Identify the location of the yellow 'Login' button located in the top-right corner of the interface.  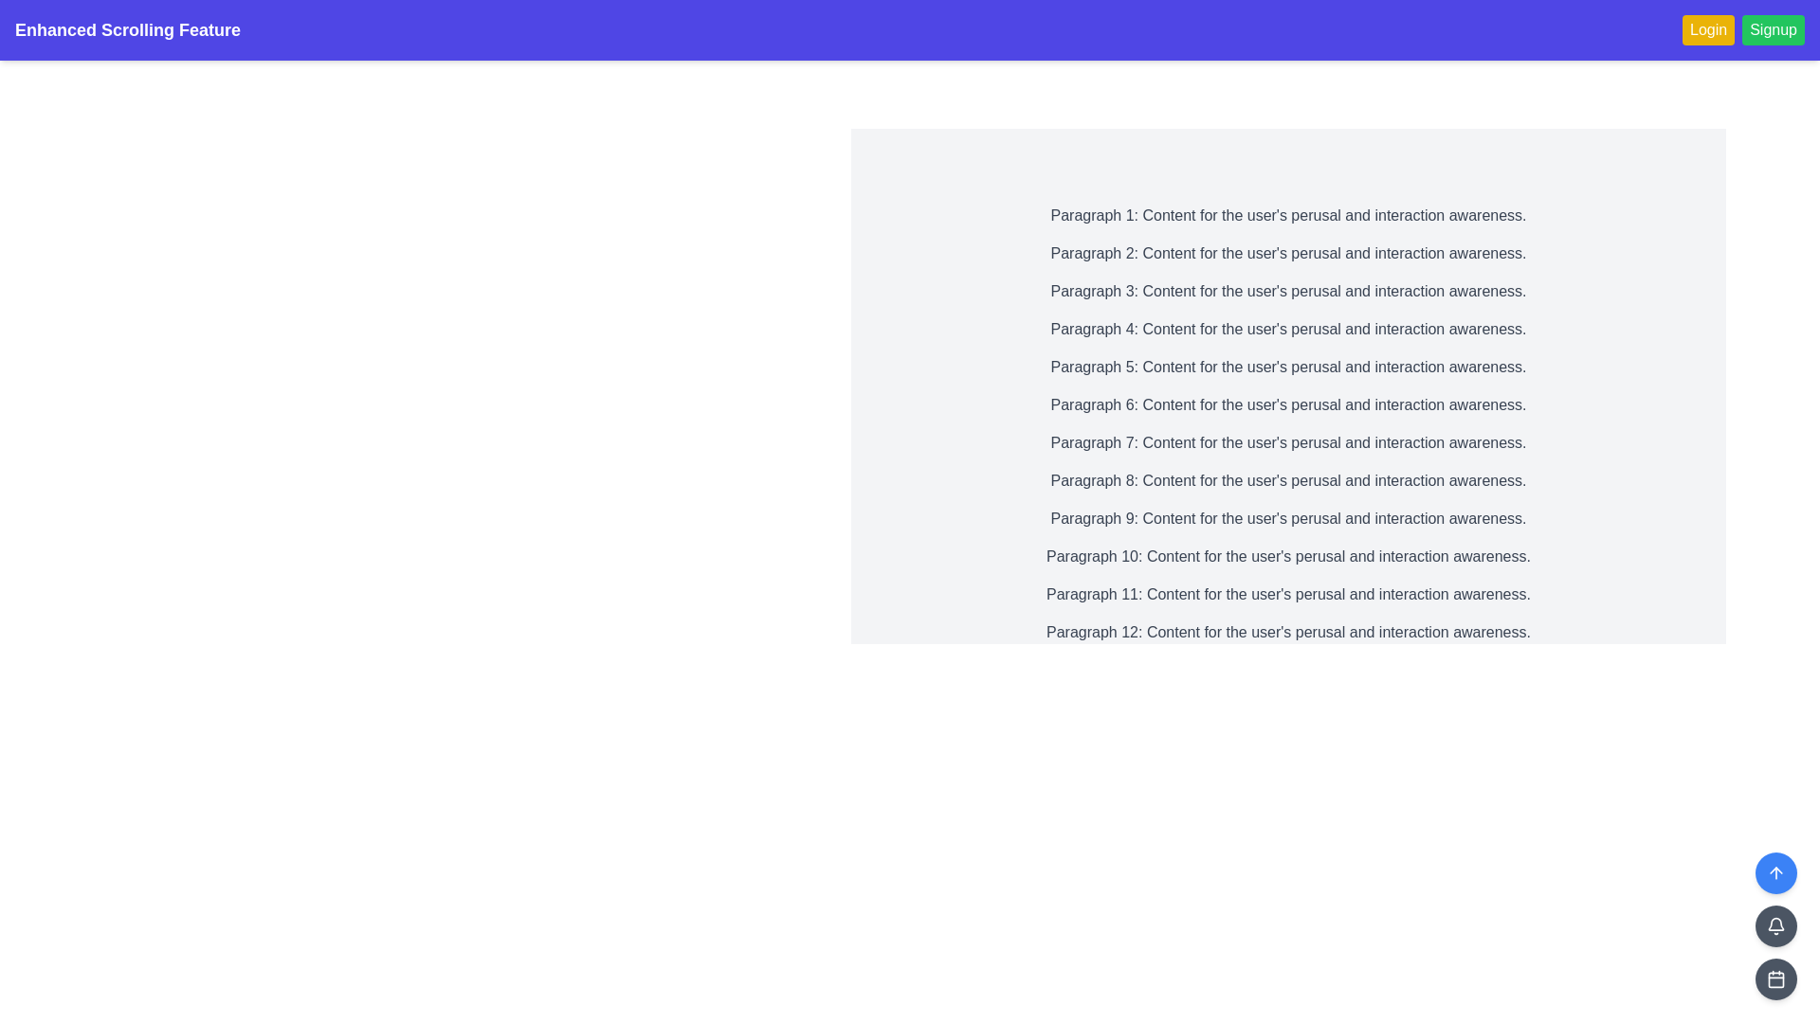
(1708, 29).